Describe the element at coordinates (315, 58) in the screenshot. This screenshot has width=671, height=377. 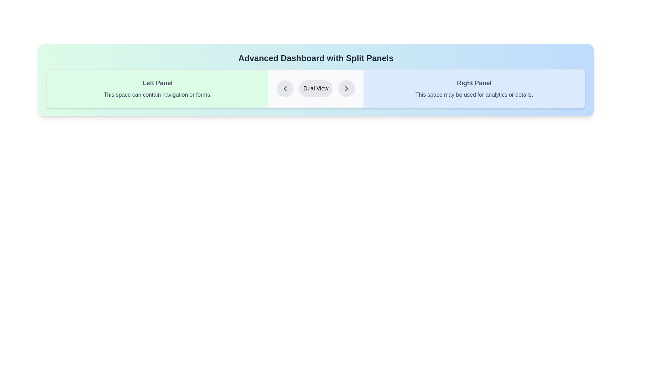
I see `text from the Text Header element that displays 'Advanced Dashboard with Split Panels', which is positioned at the top-middle of the layout` at that location.